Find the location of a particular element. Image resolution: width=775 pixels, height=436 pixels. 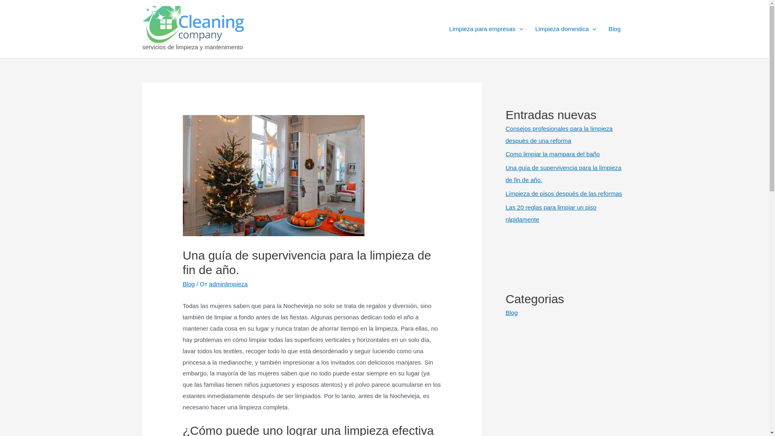

'adminlimpieza' is located at coordinates (228, 283).